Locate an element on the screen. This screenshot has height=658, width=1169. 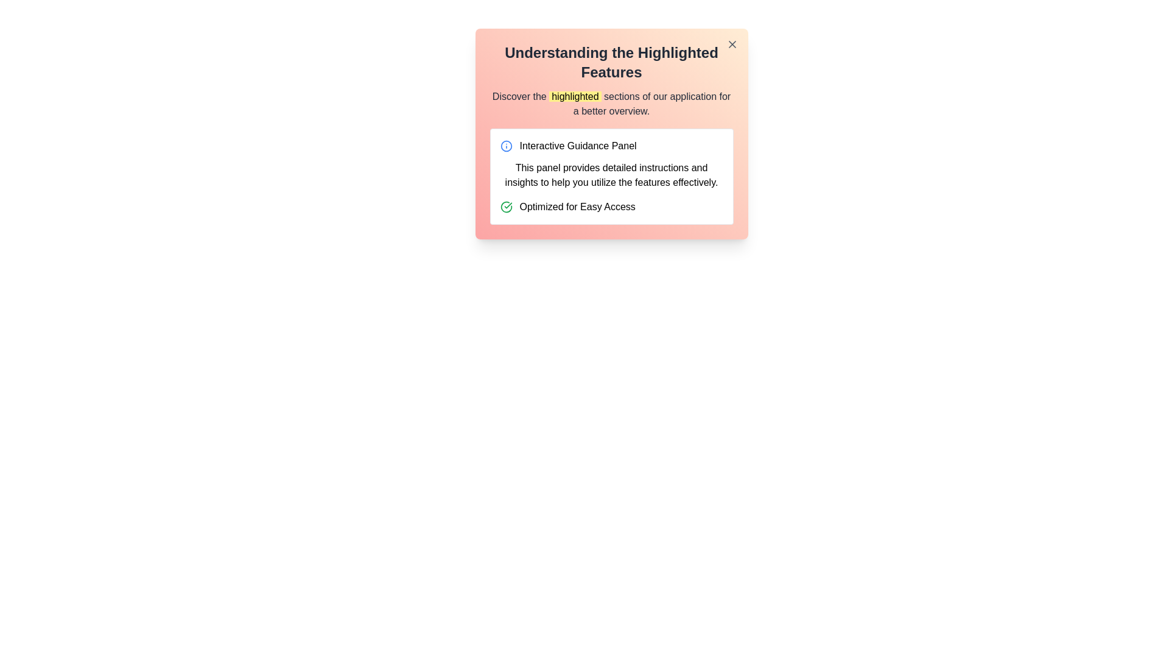
the close icon in the top-right corner of the gradient-colored panel titled 'Understanding the Highlighted Features' to change its color is located at coordinates (731, 44).